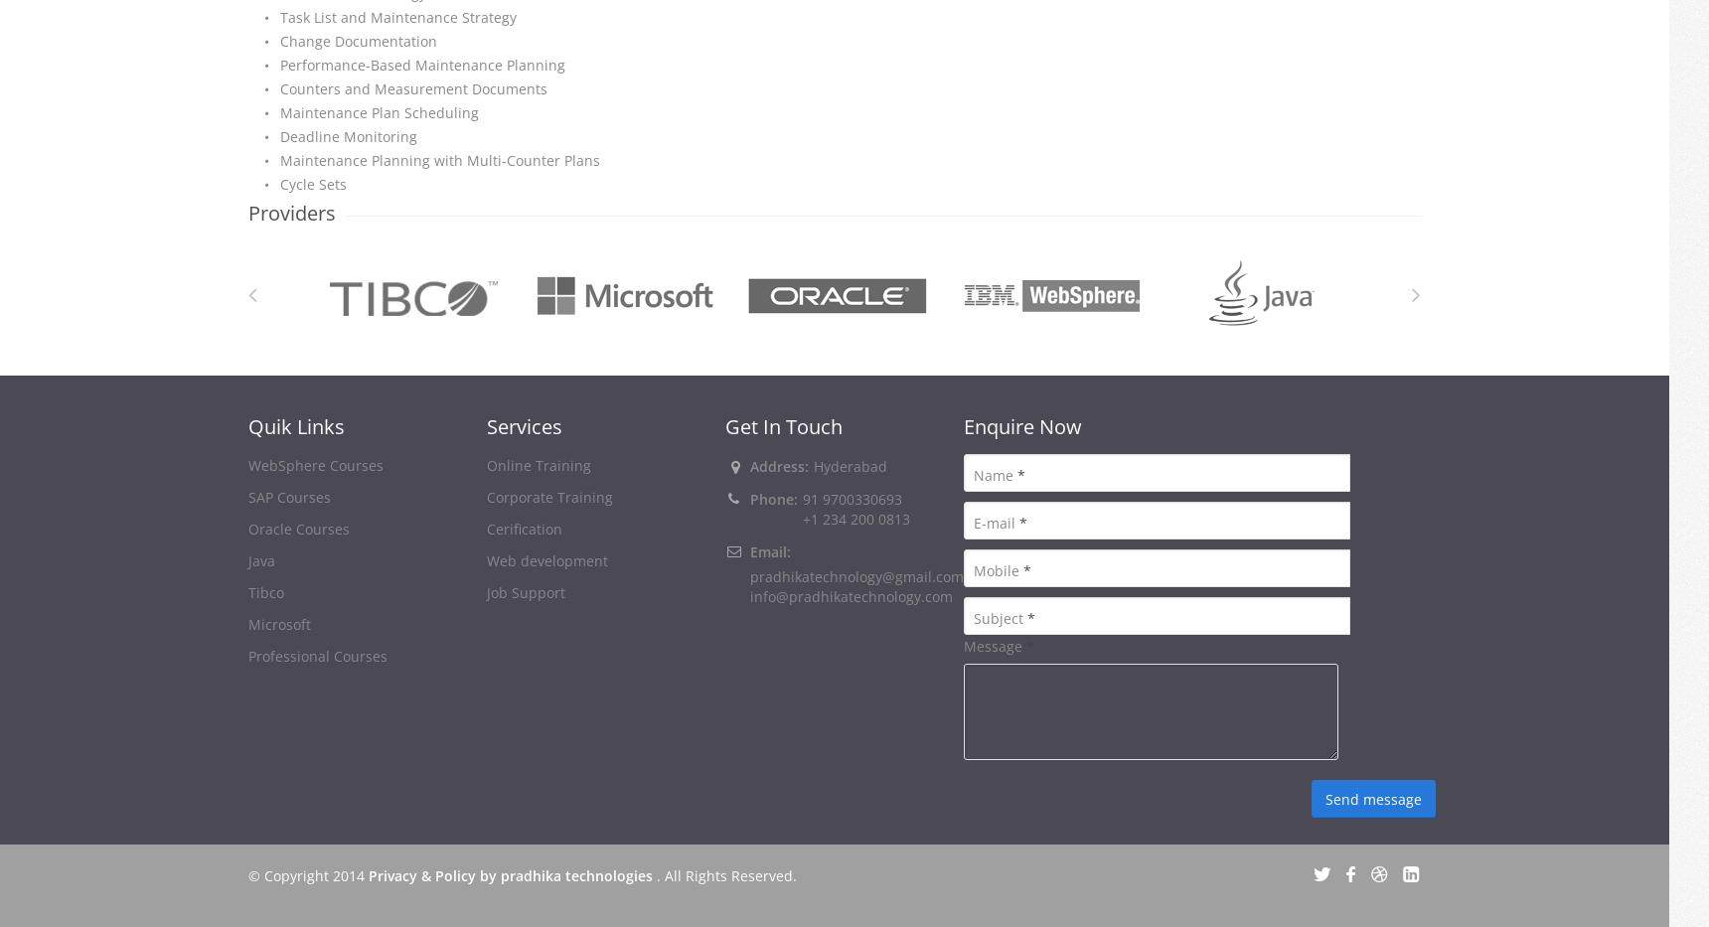 This screenshot has width=1709, height=927. What do you see at coordinates (526, 592) in the screenshot?
I see `'Job Support'` at bounding box center [526, 592].